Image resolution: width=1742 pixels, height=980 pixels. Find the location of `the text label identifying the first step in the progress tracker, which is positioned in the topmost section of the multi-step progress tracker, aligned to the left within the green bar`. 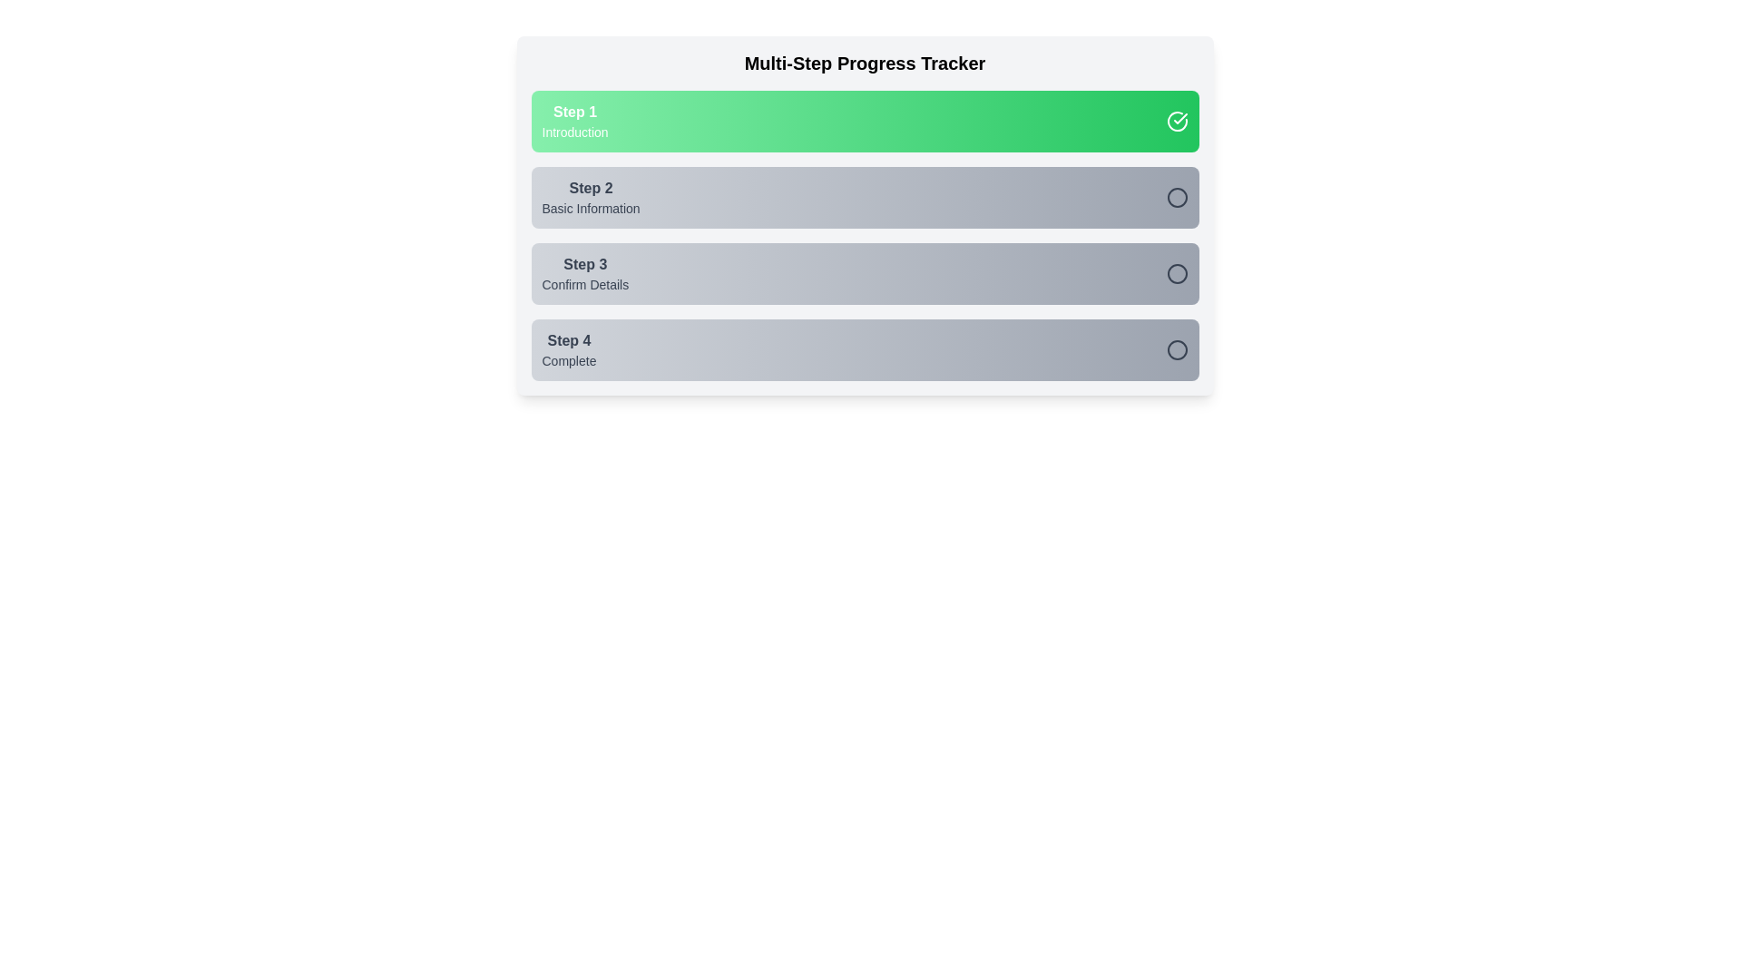

the text label identifying the first step in the progress tracker, which is positioned in the topmost section of the multi-step progress tracker, aligned to the left within the green bar is located at coordinates (574, 112).